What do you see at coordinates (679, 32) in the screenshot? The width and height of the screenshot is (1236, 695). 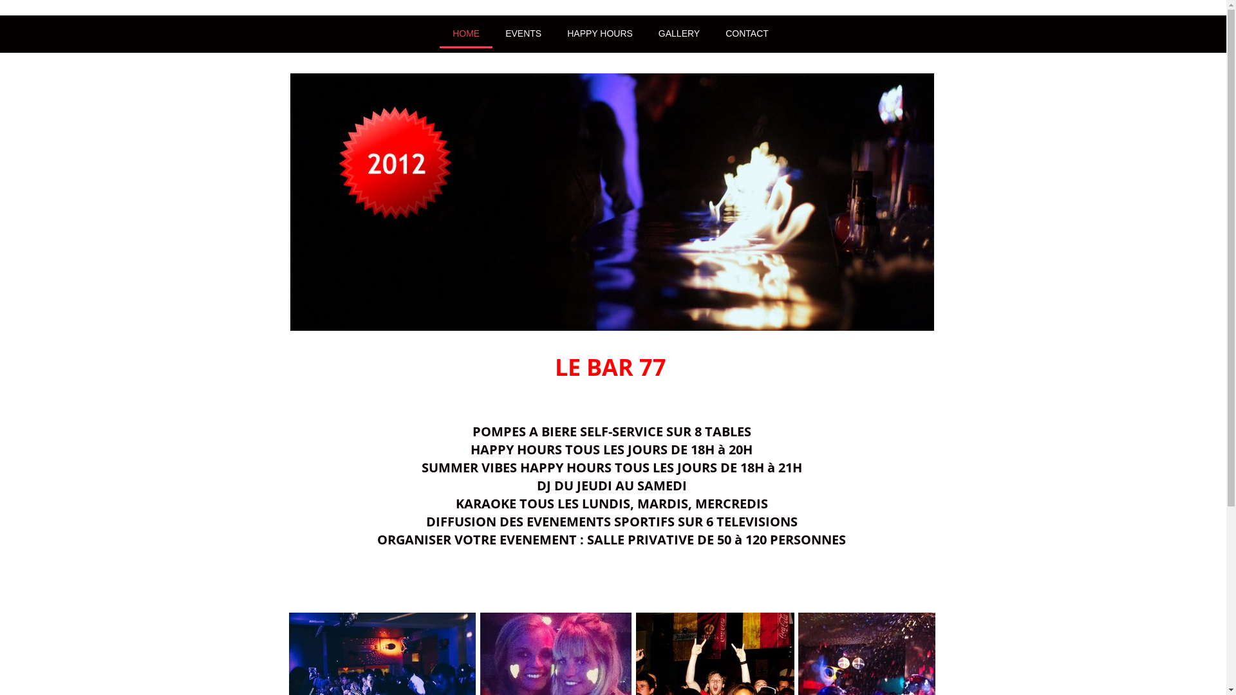 I see `'GALLERY'` at bounding box center [679, 32].